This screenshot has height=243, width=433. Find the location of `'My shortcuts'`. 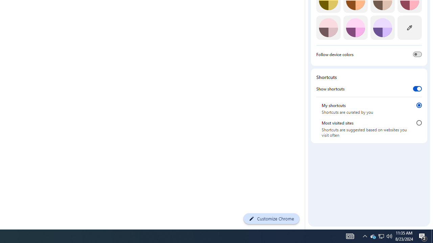

'My shortcuts' is located at coordinates (419, 105).